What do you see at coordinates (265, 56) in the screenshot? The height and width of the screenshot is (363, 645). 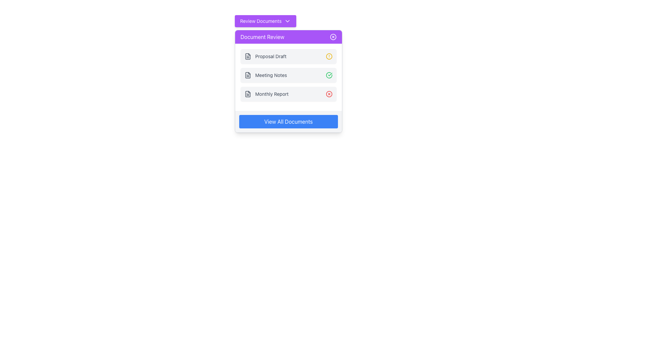 I see `the List item with text 'Proposal Draft' and a small gray document icon, which is the first item in the 'Document Review' panel` at bounding box center [265, 56].